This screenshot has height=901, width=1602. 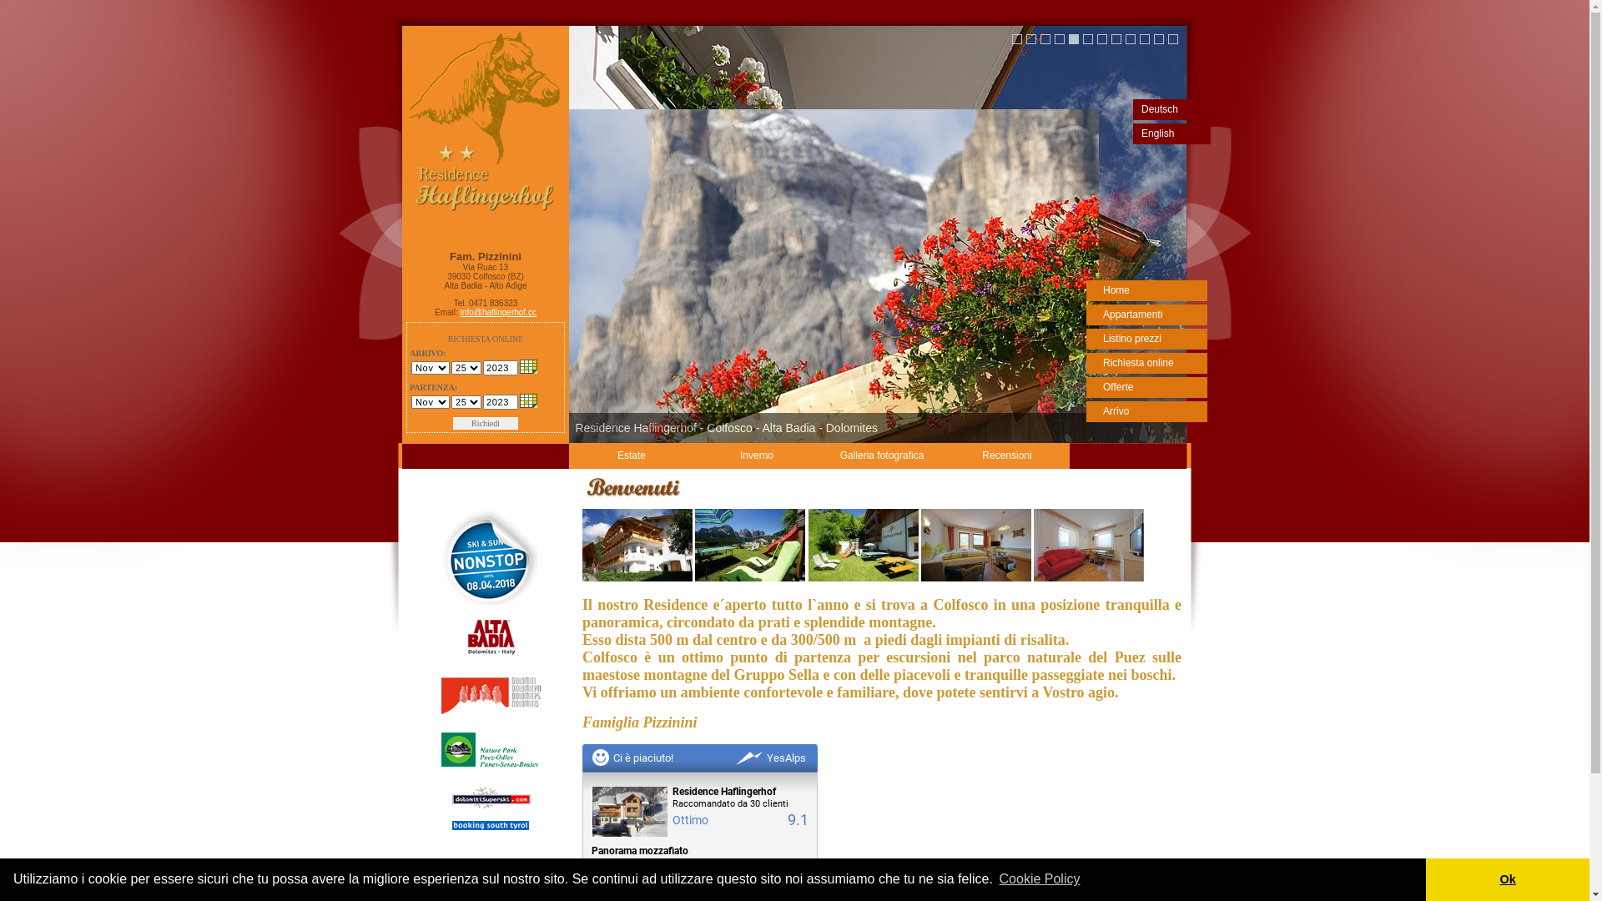 What do you see at coordinates (1171, 133) in the screenshot?
I see `'English'` at bounding box center [1171, 133].